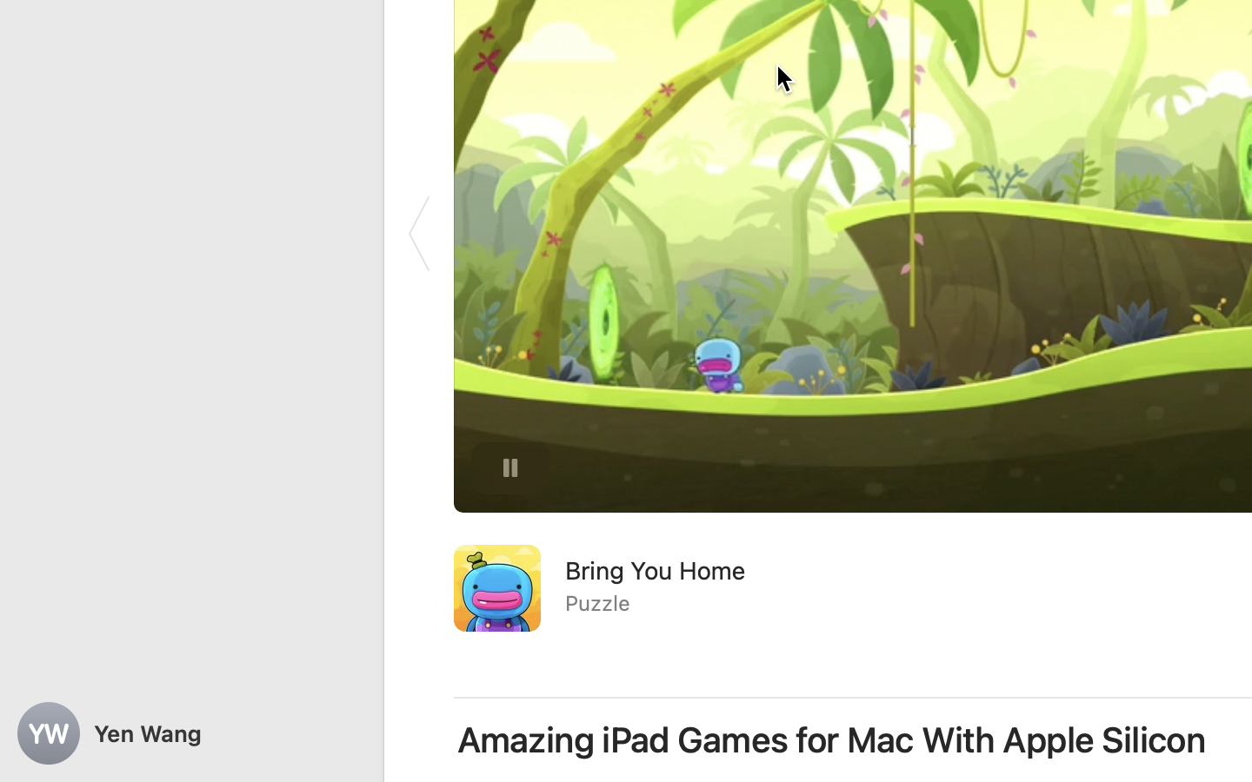 This screenshot has height=782, width=1252. I want to click on 'Yen Wang', so click(191, 733).